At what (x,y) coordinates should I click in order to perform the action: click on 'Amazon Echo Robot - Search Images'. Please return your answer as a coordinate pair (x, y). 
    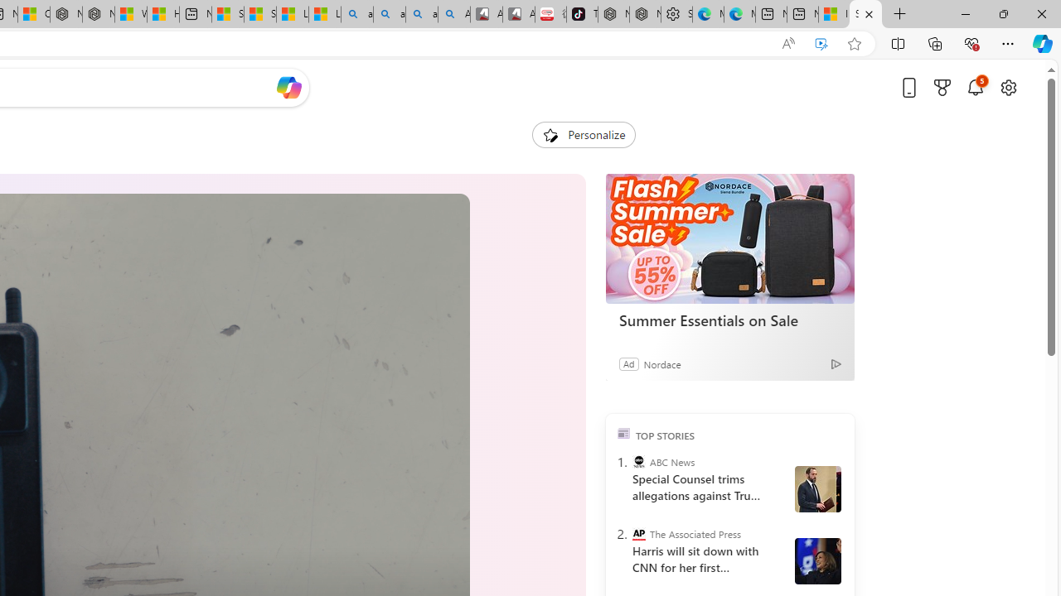
    Looking at the image, I should click on (453, 14).